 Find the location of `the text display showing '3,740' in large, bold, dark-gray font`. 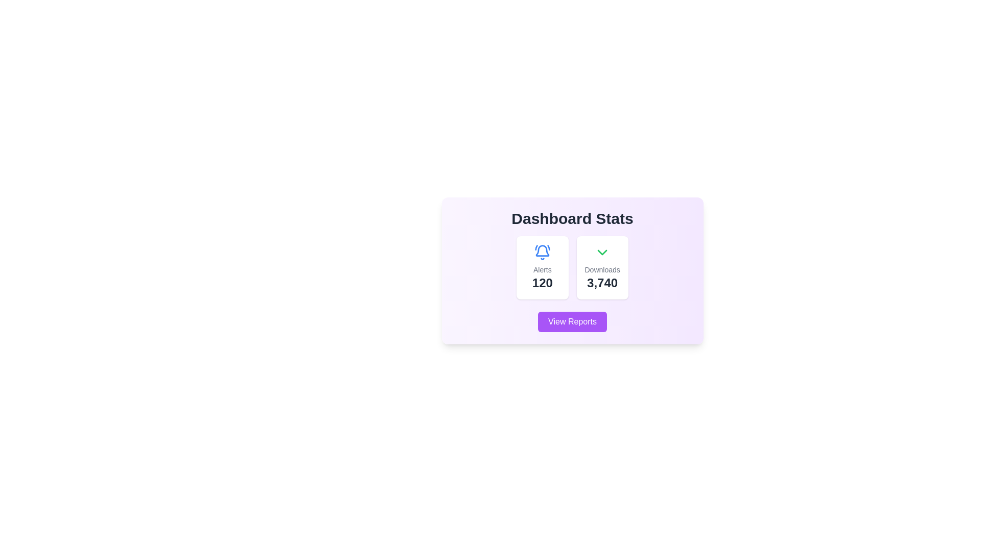

the text display showing '3,740' in large, bold, dark-gray font is located at coordinates (602, 283).